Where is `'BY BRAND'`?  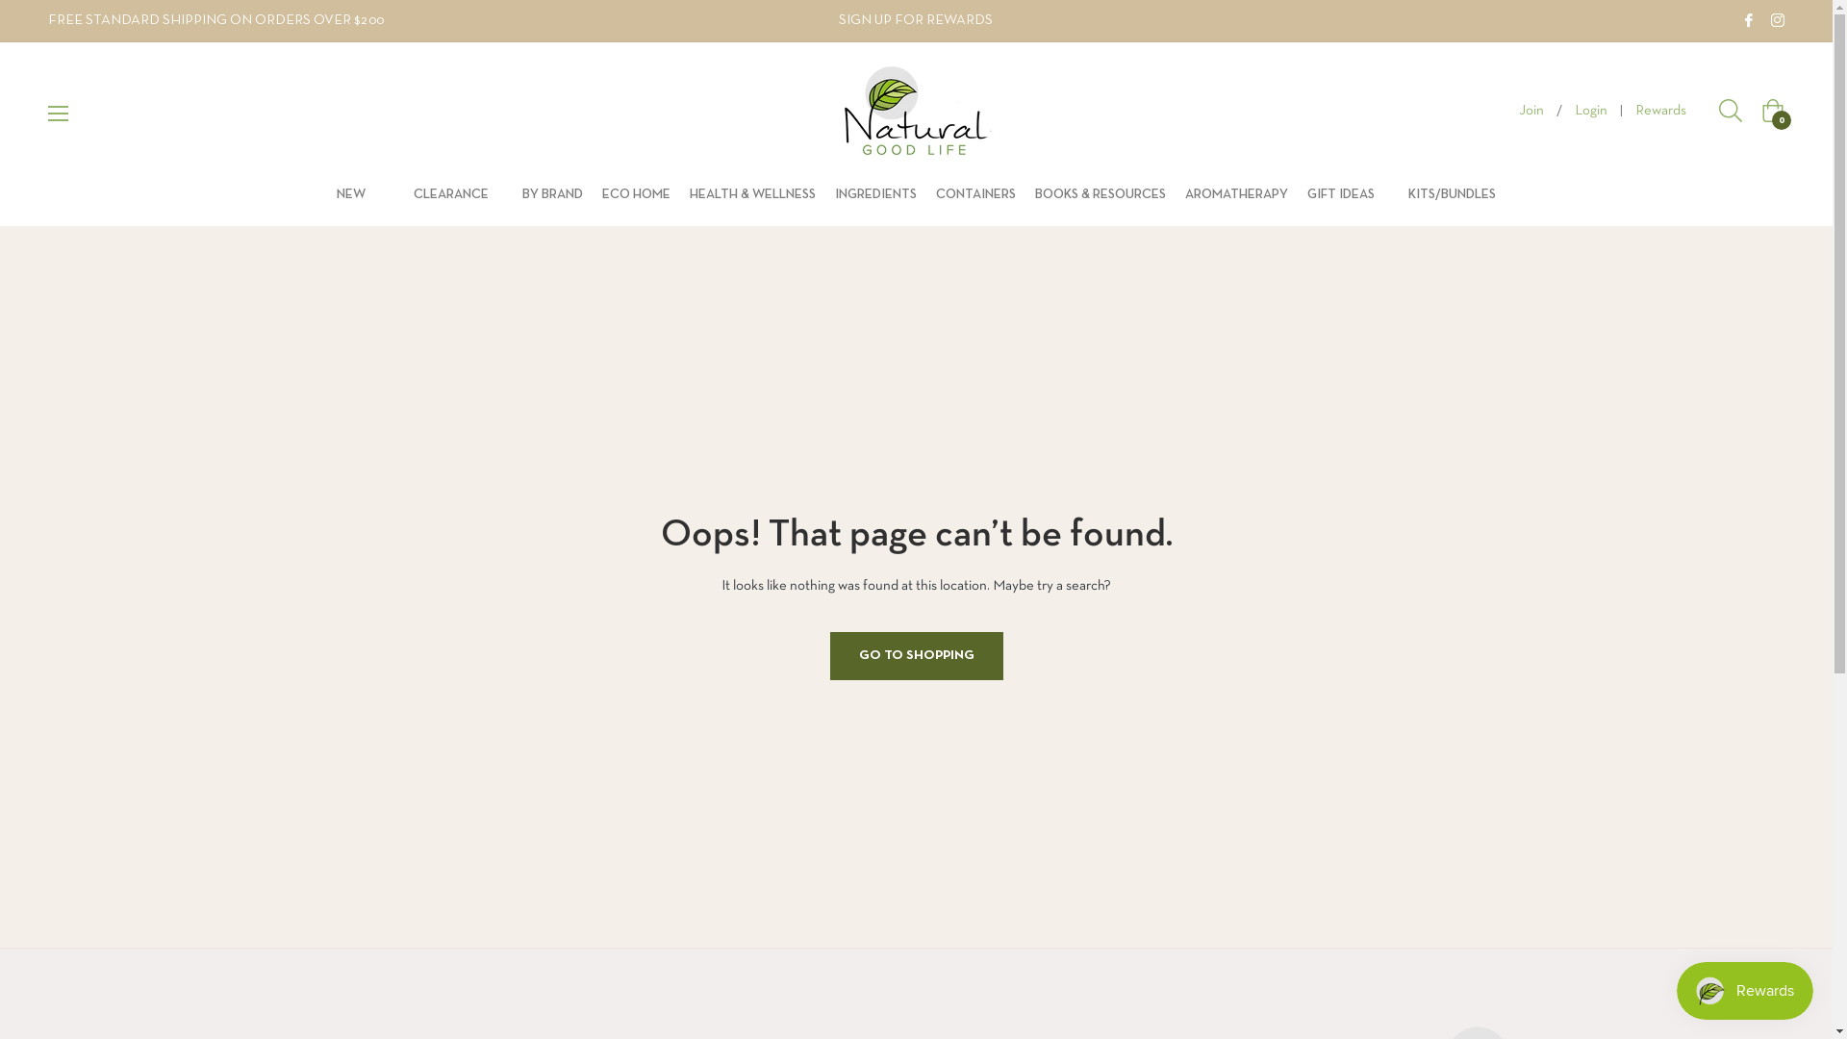
'BY BRAND' is located at coordinates (551, 194).